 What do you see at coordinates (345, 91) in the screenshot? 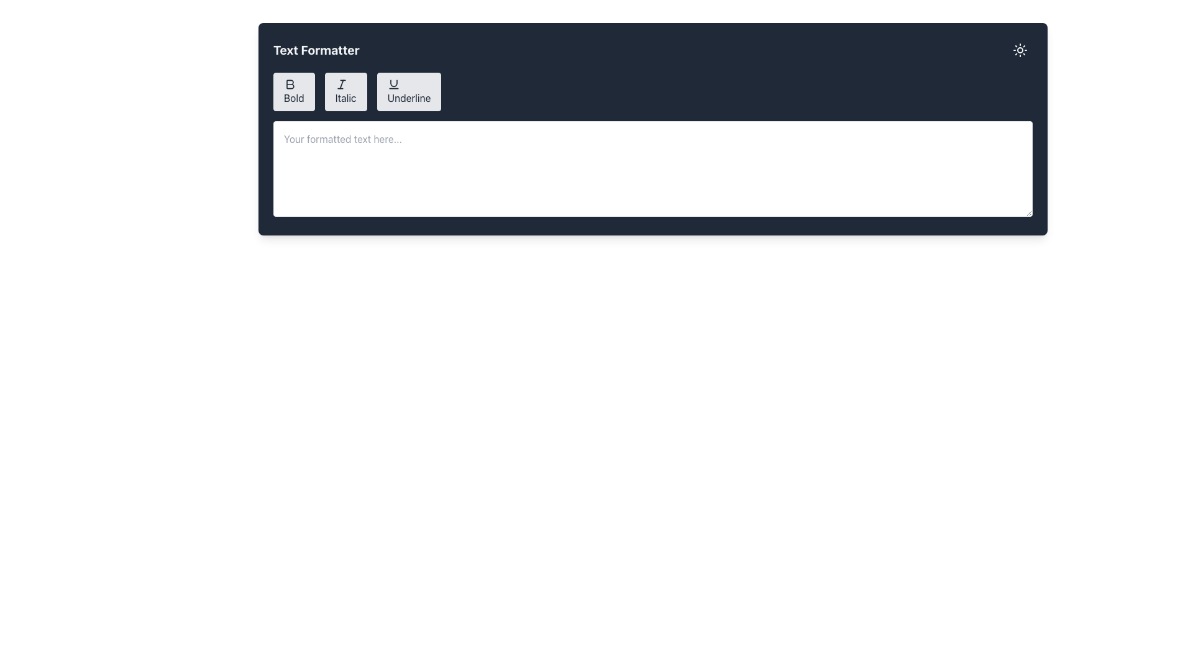
I see `the 'Italic' button in the text formatting interface to apply italic formatting to the selected text` at bounding box center [345, 91].